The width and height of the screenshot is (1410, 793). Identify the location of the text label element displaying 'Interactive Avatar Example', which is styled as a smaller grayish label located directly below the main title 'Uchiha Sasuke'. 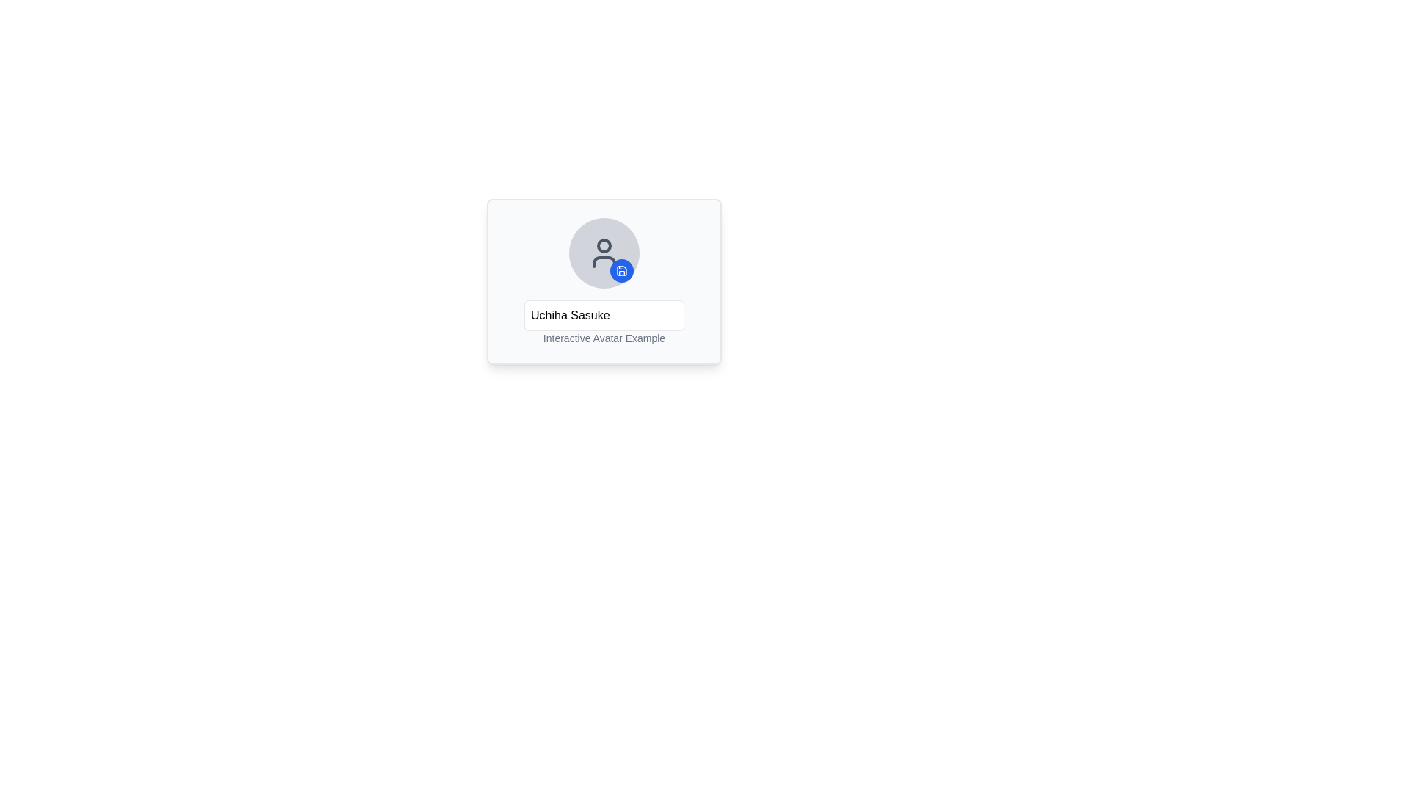
(604, 322).